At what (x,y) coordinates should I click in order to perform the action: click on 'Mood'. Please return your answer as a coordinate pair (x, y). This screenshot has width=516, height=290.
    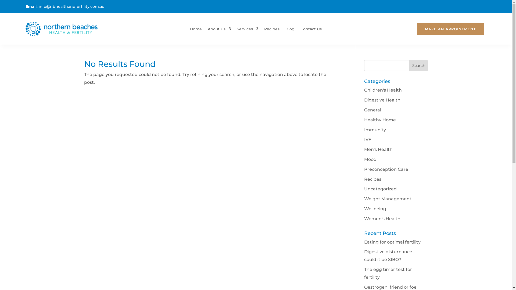
    Looking at the image, I should click on (370, 159).